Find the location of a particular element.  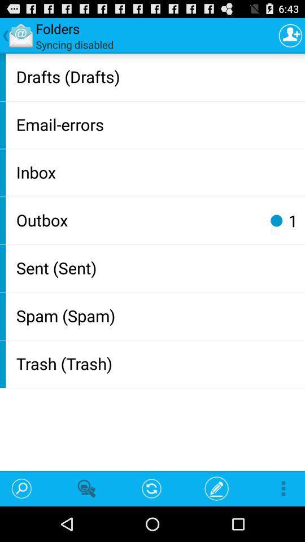

a recipient is located at coordinates (290, 35).